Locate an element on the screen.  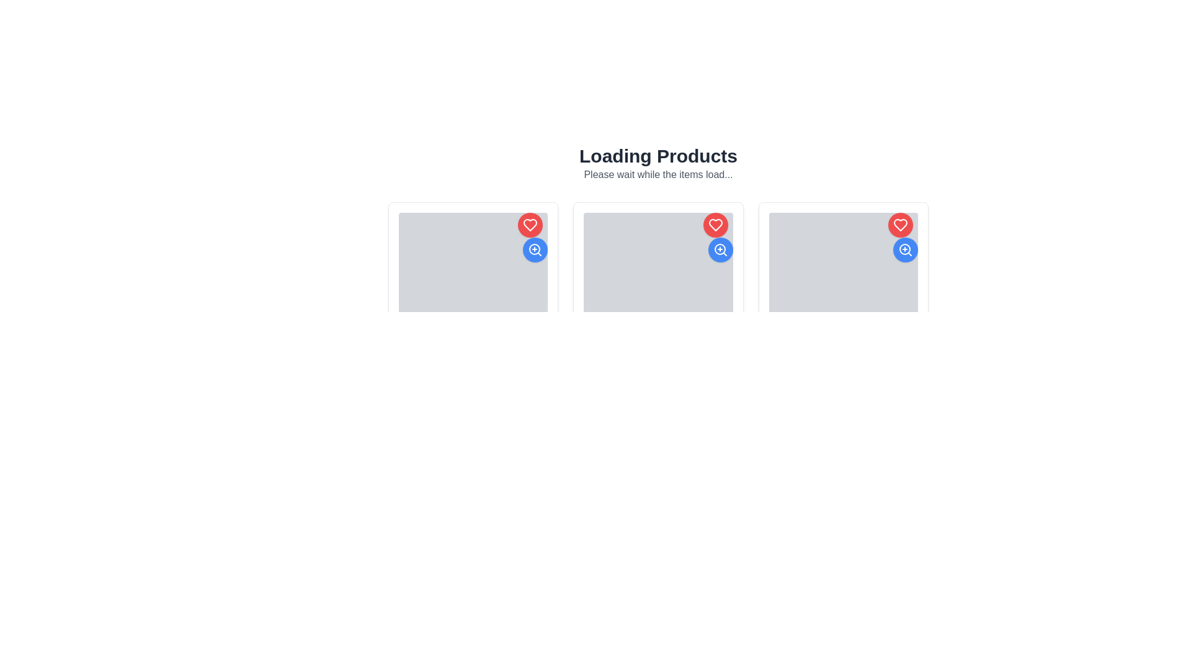
the first action button in the top-right corner of the third image thumbnail is located at coordinates (900, 225).